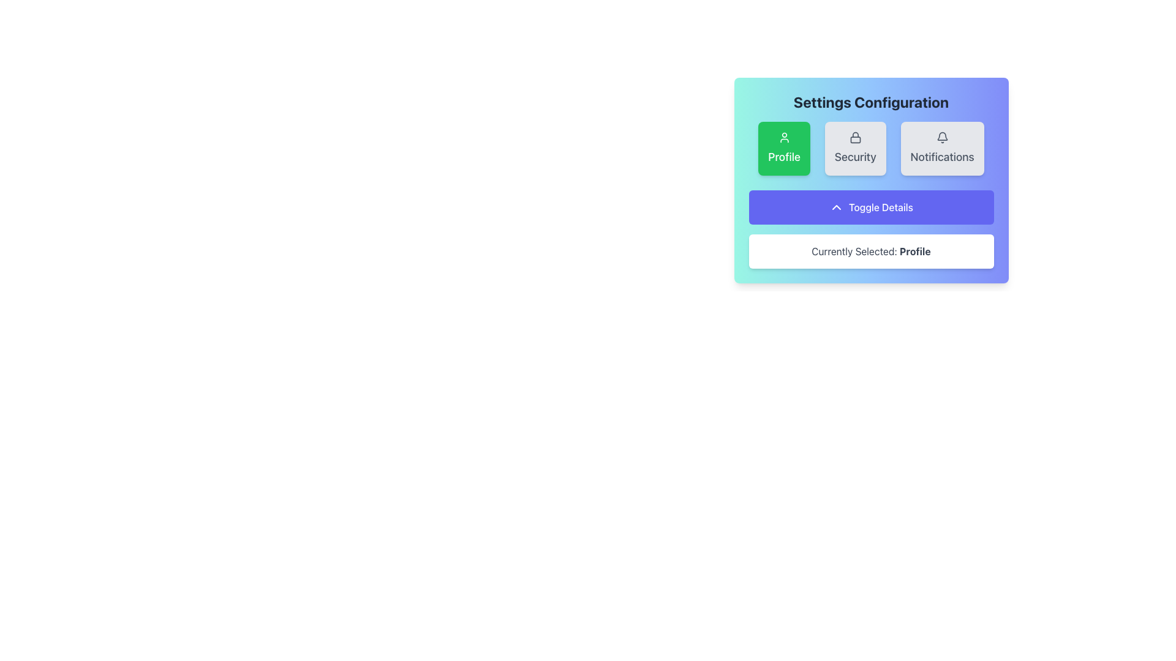 The image size is (1176, 661). Describe the element at coordinates (836, 207) in the screenshot. I see `the downward-pointing chevron icon with a black outline located to the left of the 'Toggle Details' text within the purple button under the 'Settings Configuration' header` at that location.